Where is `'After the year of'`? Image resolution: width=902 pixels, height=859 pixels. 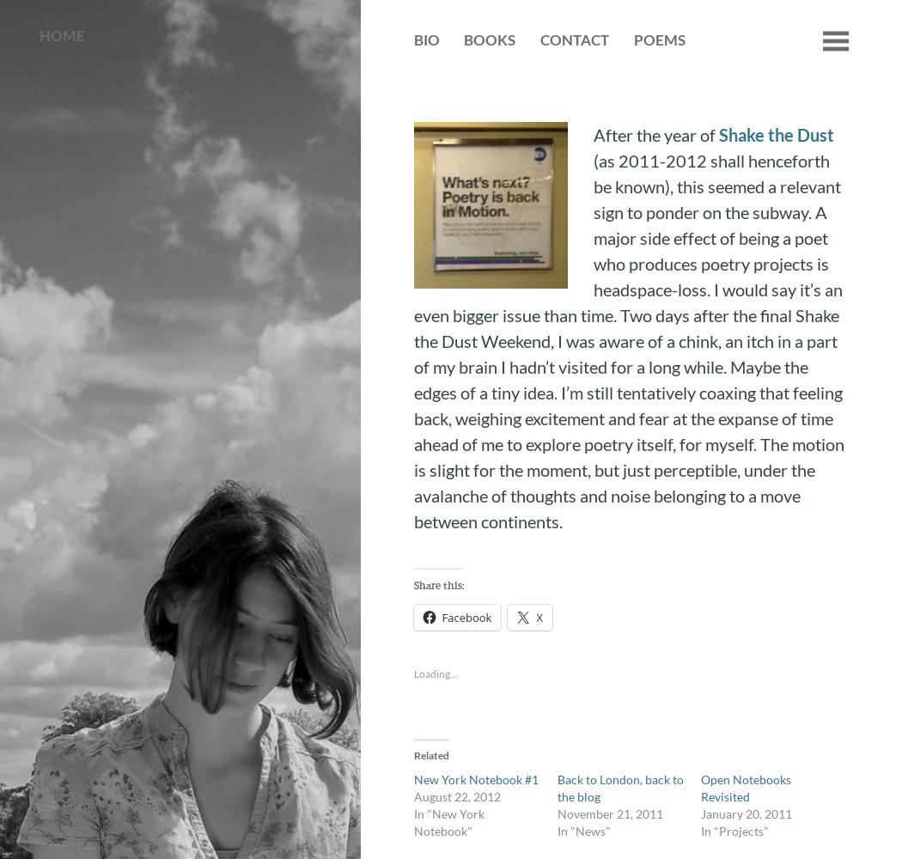 'After the year of' is located at coordinates (655, 135).